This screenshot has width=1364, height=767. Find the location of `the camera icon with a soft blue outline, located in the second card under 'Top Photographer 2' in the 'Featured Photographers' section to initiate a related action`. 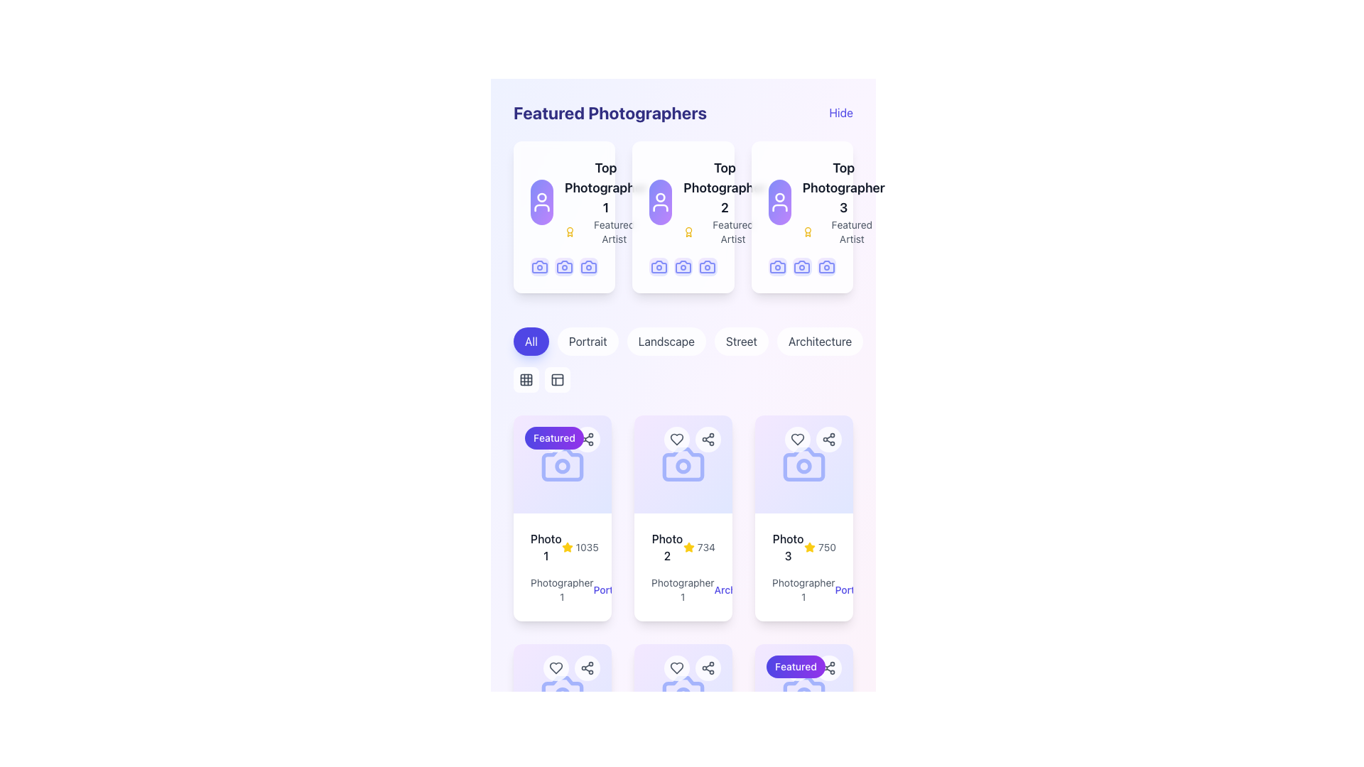

the camera icon with a soft blue outline, located in the second card under 'Top Photographer 2' in the 'Featured Photographers' section to initiate a related action is located at coordinates (708, 267).